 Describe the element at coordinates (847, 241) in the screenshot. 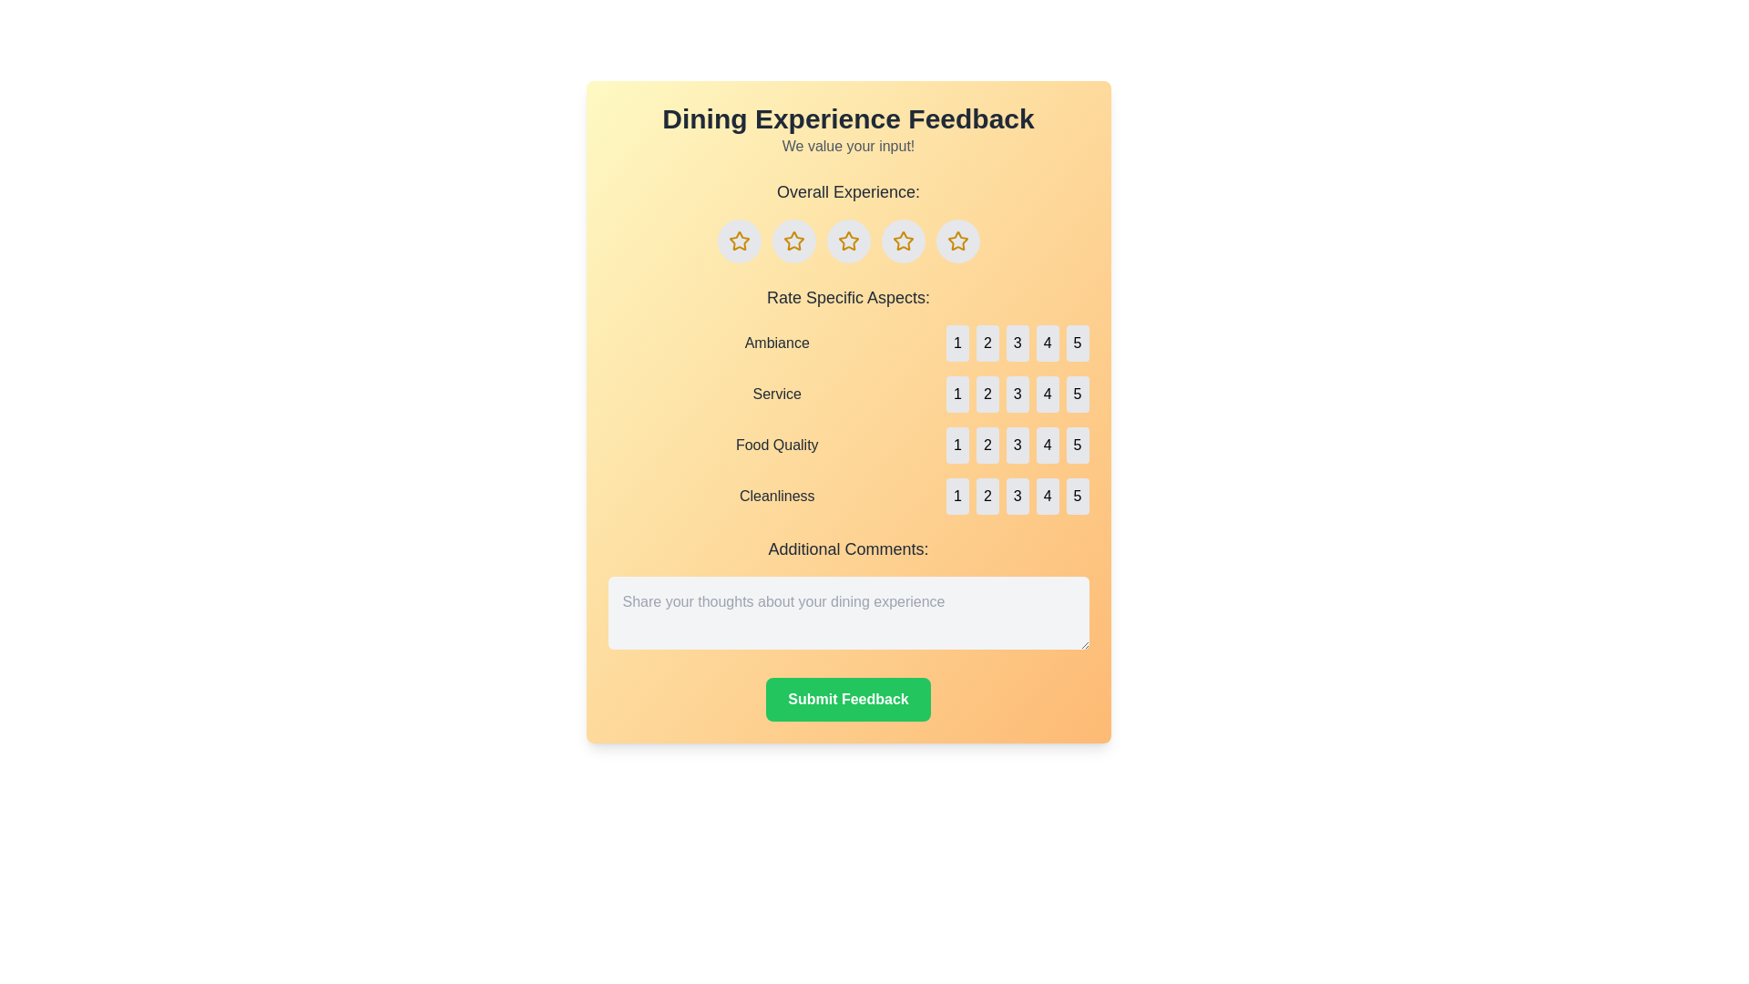

I see `the third circular rating button under the 'Overall Experience' heading` at that location.